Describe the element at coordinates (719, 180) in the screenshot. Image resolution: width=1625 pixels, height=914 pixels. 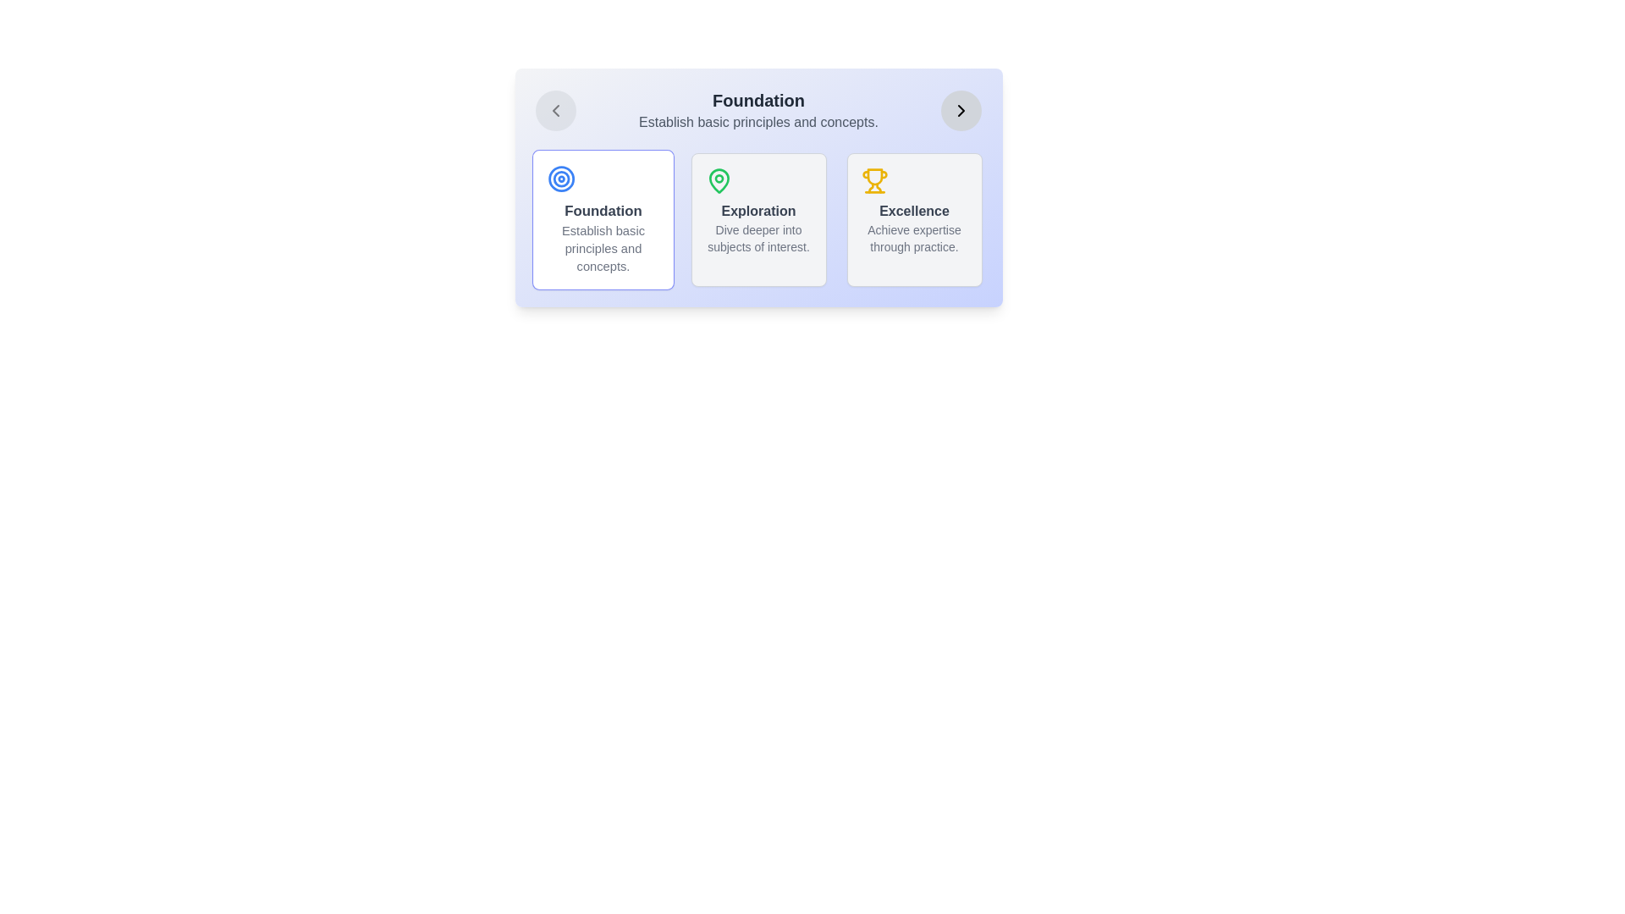
I see `the green map pin icon located in the second card labeled 'Exploration' below the title 'Foundation'` at that location.